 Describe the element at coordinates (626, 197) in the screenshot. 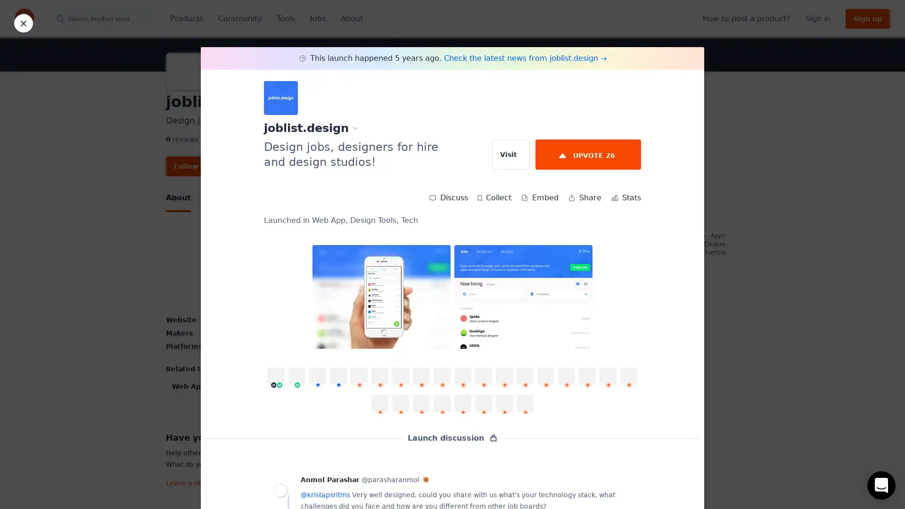

I see `Stats` at that location.